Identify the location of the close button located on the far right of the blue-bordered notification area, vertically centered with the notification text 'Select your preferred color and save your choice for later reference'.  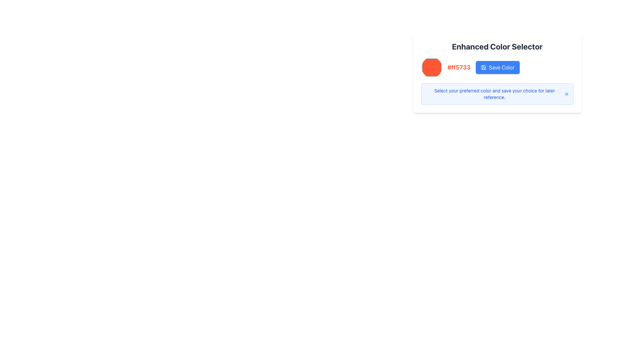
(566, 94).